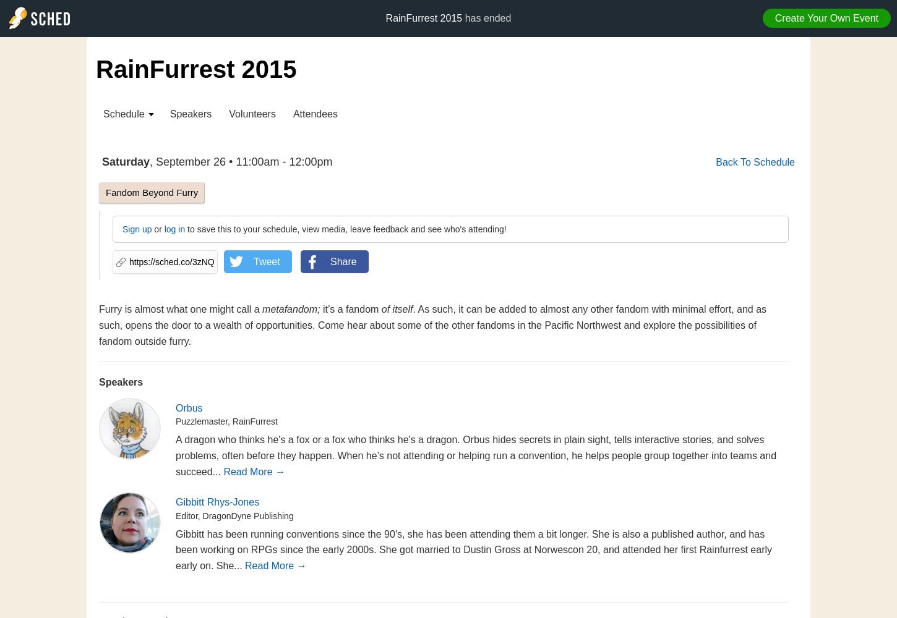 This screenshot has height=618, width=897. What do you see at coordinates (152, 192) in the screenshot?
I see `'Fandom Beyond Furry'` at bounding box center [152, 192].